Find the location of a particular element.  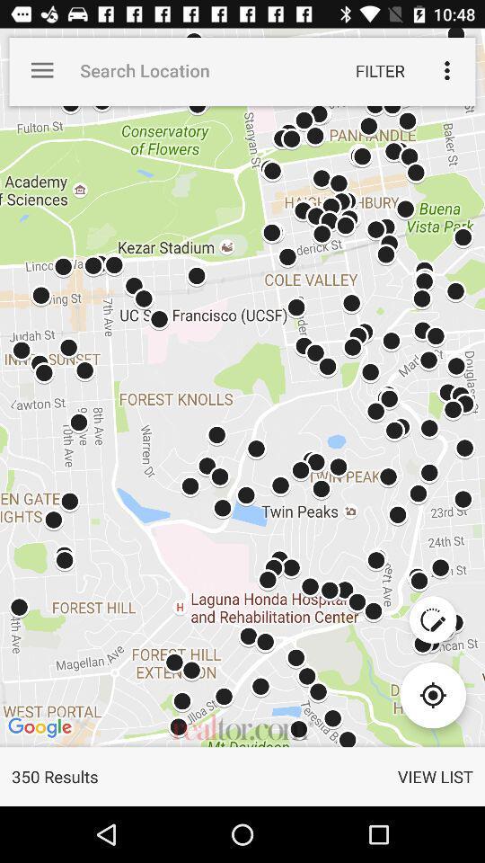

the edit icon is located at coordinates (432, 619).